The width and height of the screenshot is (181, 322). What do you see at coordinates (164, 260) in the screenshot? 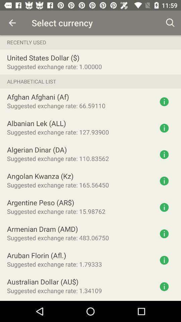
I see `more information` at bounding box center [164, 260].